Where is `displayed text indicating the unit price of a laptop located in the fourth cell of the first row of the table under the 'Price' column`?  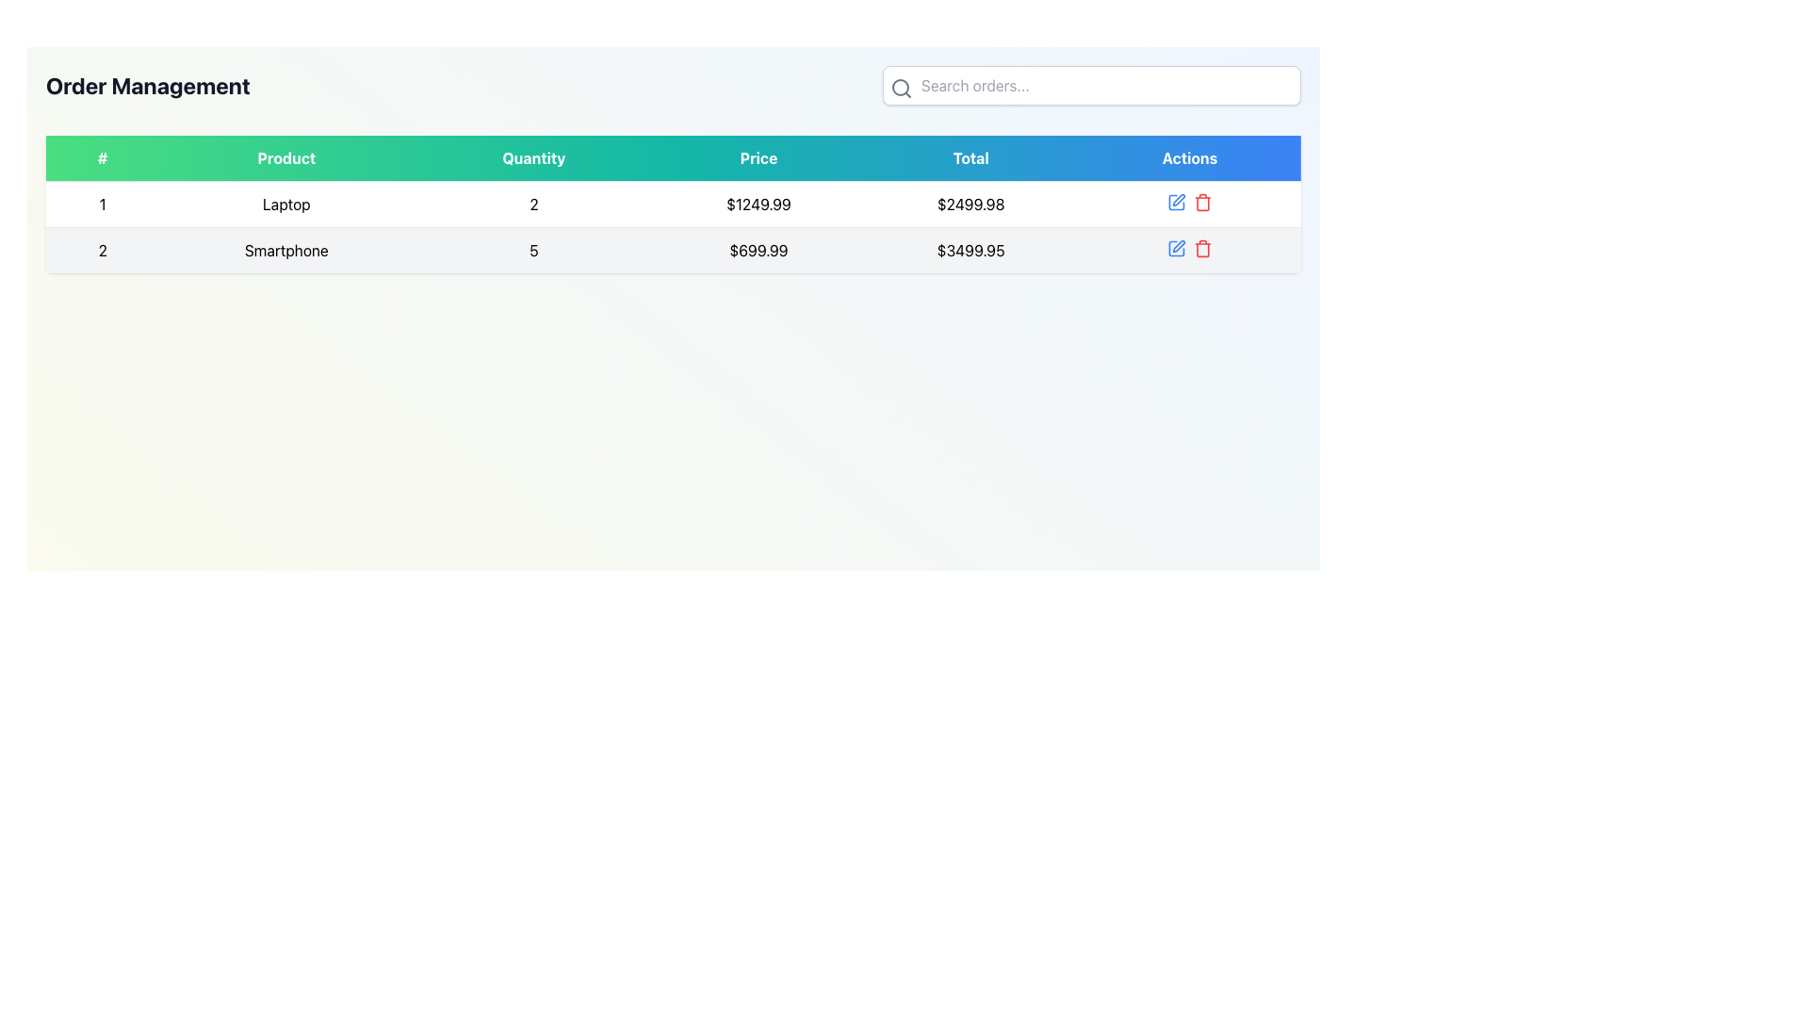
displayed text indicating the unit price of a laptop located in the fourth cell of the first row of the table under the 'Price' column is located at coordinates (758, 204).